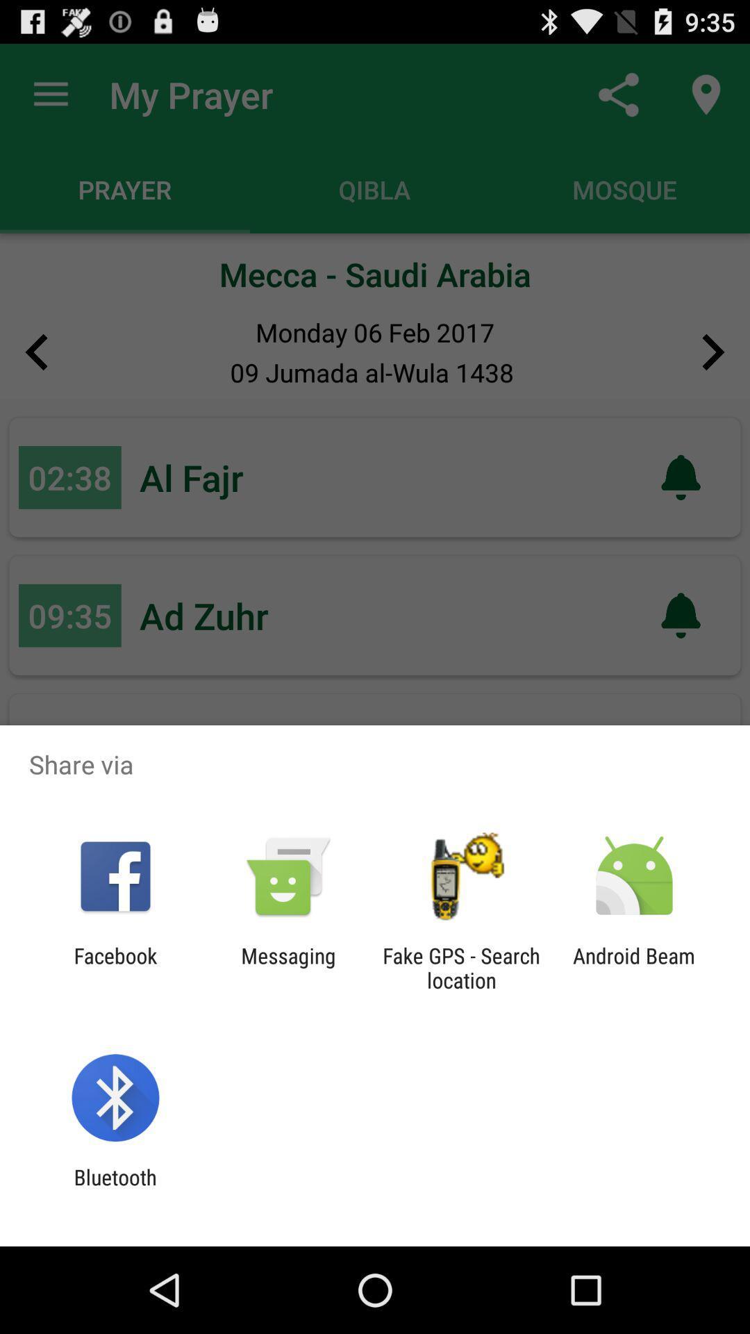 Image resolution: width=750 pixels, height=1334 pixels. What do you see at coordinates (461, 967) in the screenshot?
I see `item to the left of android beam app` at bounding box center [461, 967].